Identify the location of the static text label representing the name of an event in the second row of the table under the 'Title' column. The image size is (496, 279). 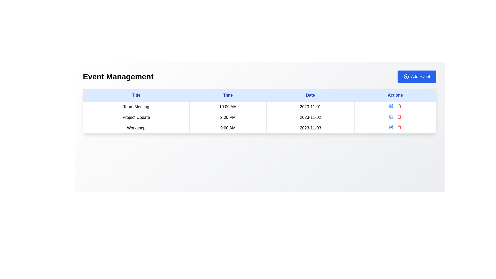
(136, 118).